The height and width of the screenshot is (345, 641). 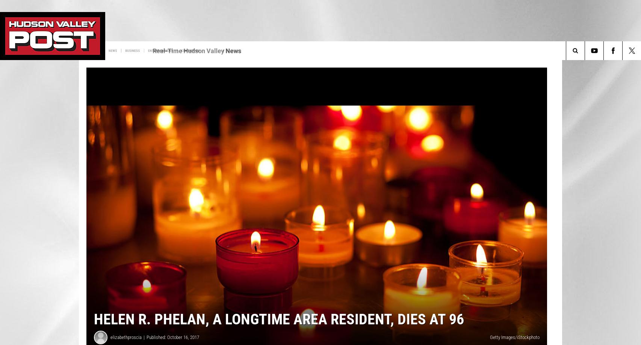 I want to click on 'Contact Us', so click(x=301, y=50).